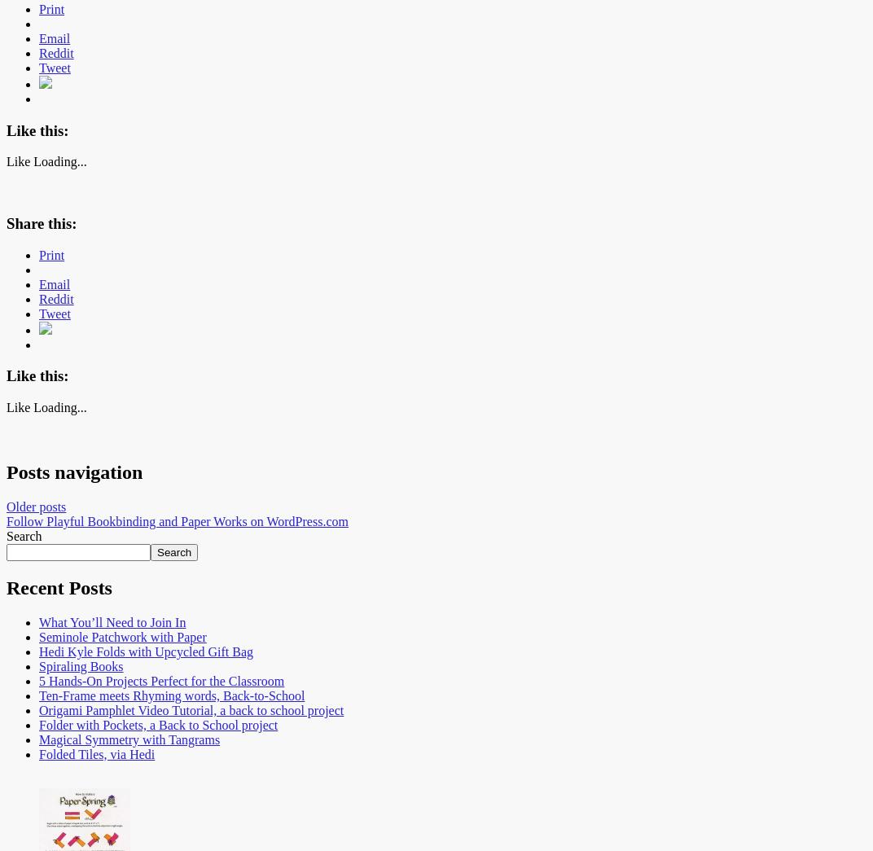 The height and width of the screenshot is (851, 873). Describe the element at coordinates (145, 651) in the screenshot. I see `'Hedi Kyle Folds with Upcycled Gift Bag'` at that location.